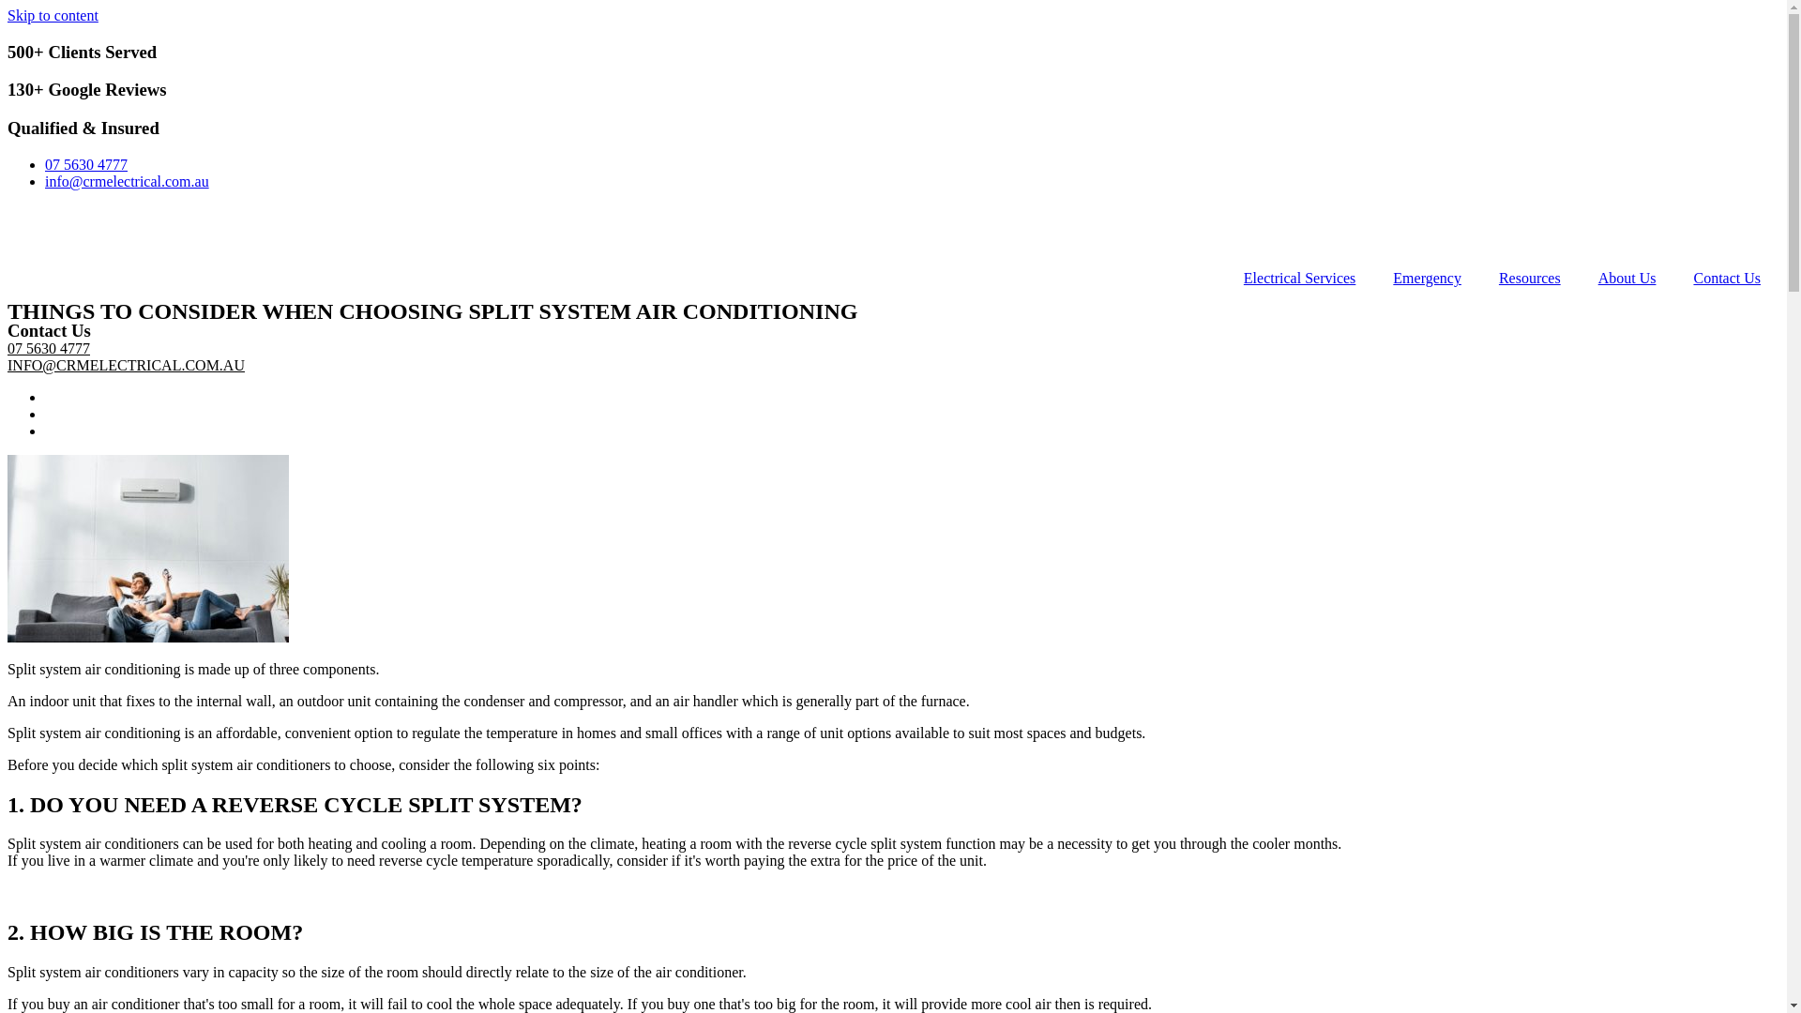 The height and width of the screenshot is (1013, 1801). What do you see at coordinates (1626, 279) in the screenshot?
I see `'About Us'` at bounding box center [1626, 279].